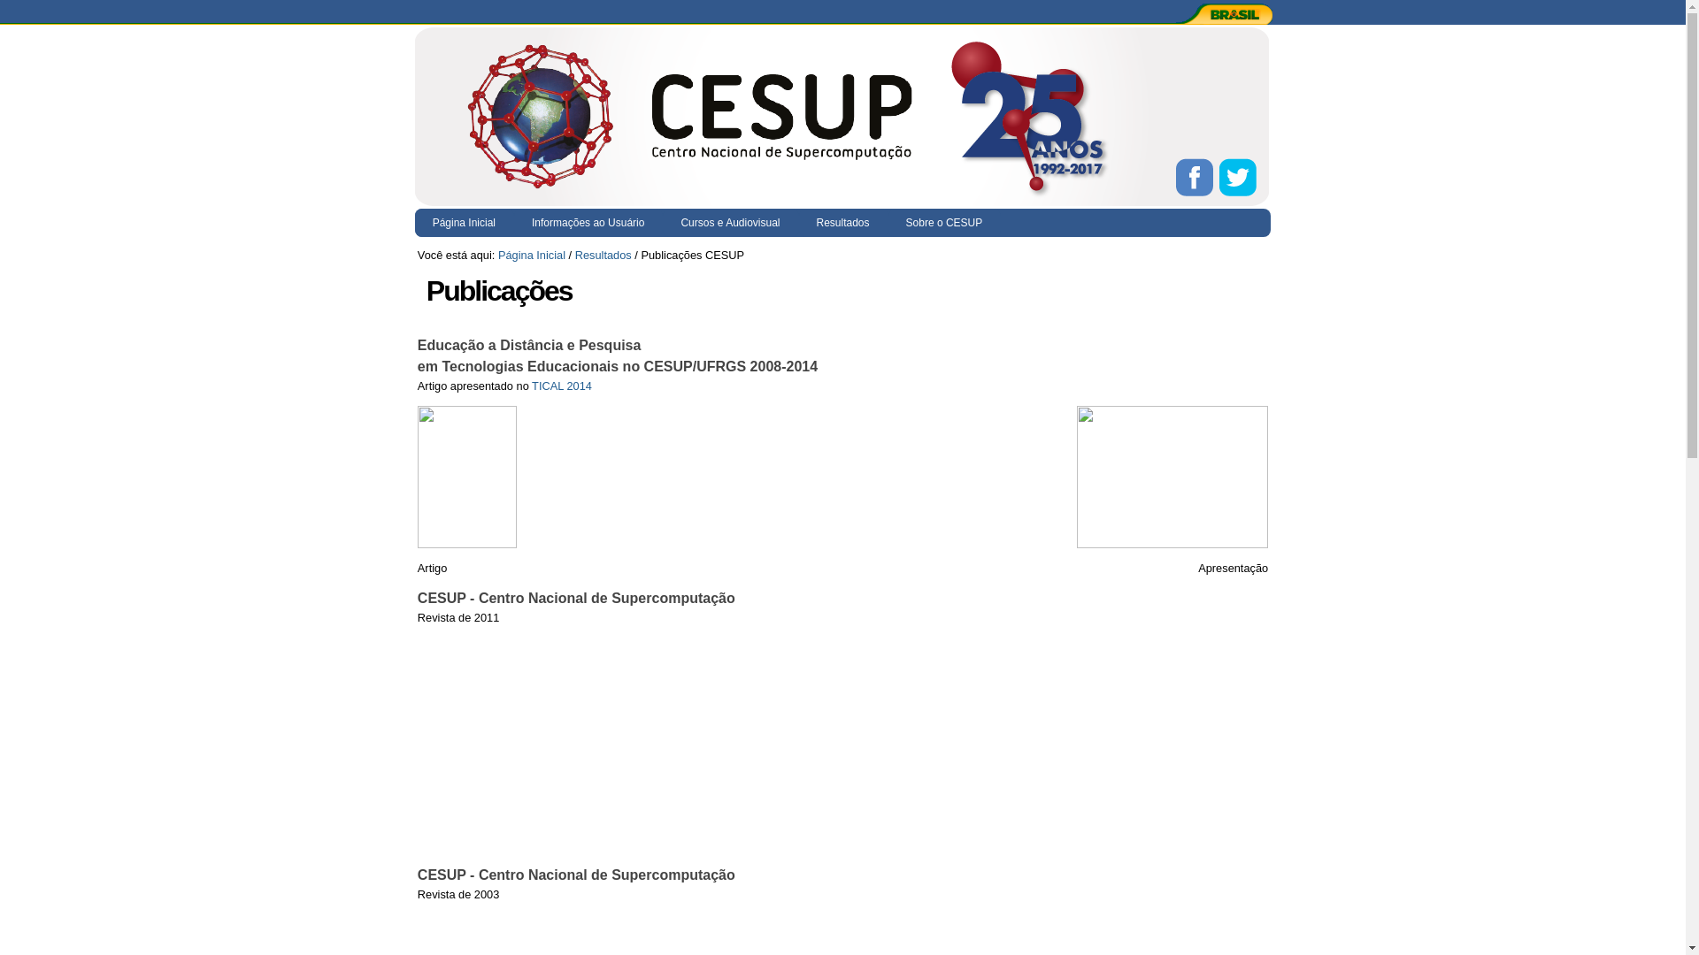 The image size is (1699, 955). What do you see at coordinates (797, 221) in the screenshot?
I see `'Resultados'` at bounding box center [797, 221].